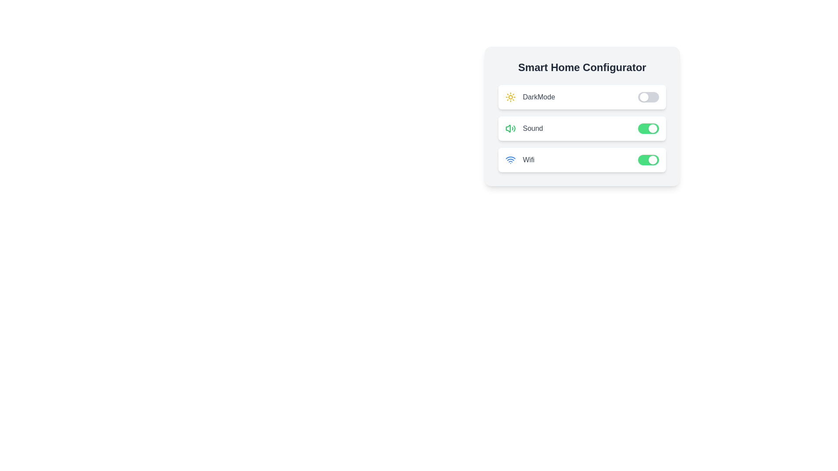 This screenshot has width=838, height=471. I want to click on the green graphical representation located at the bottom-left side of the volume icon, so click(508, 128).